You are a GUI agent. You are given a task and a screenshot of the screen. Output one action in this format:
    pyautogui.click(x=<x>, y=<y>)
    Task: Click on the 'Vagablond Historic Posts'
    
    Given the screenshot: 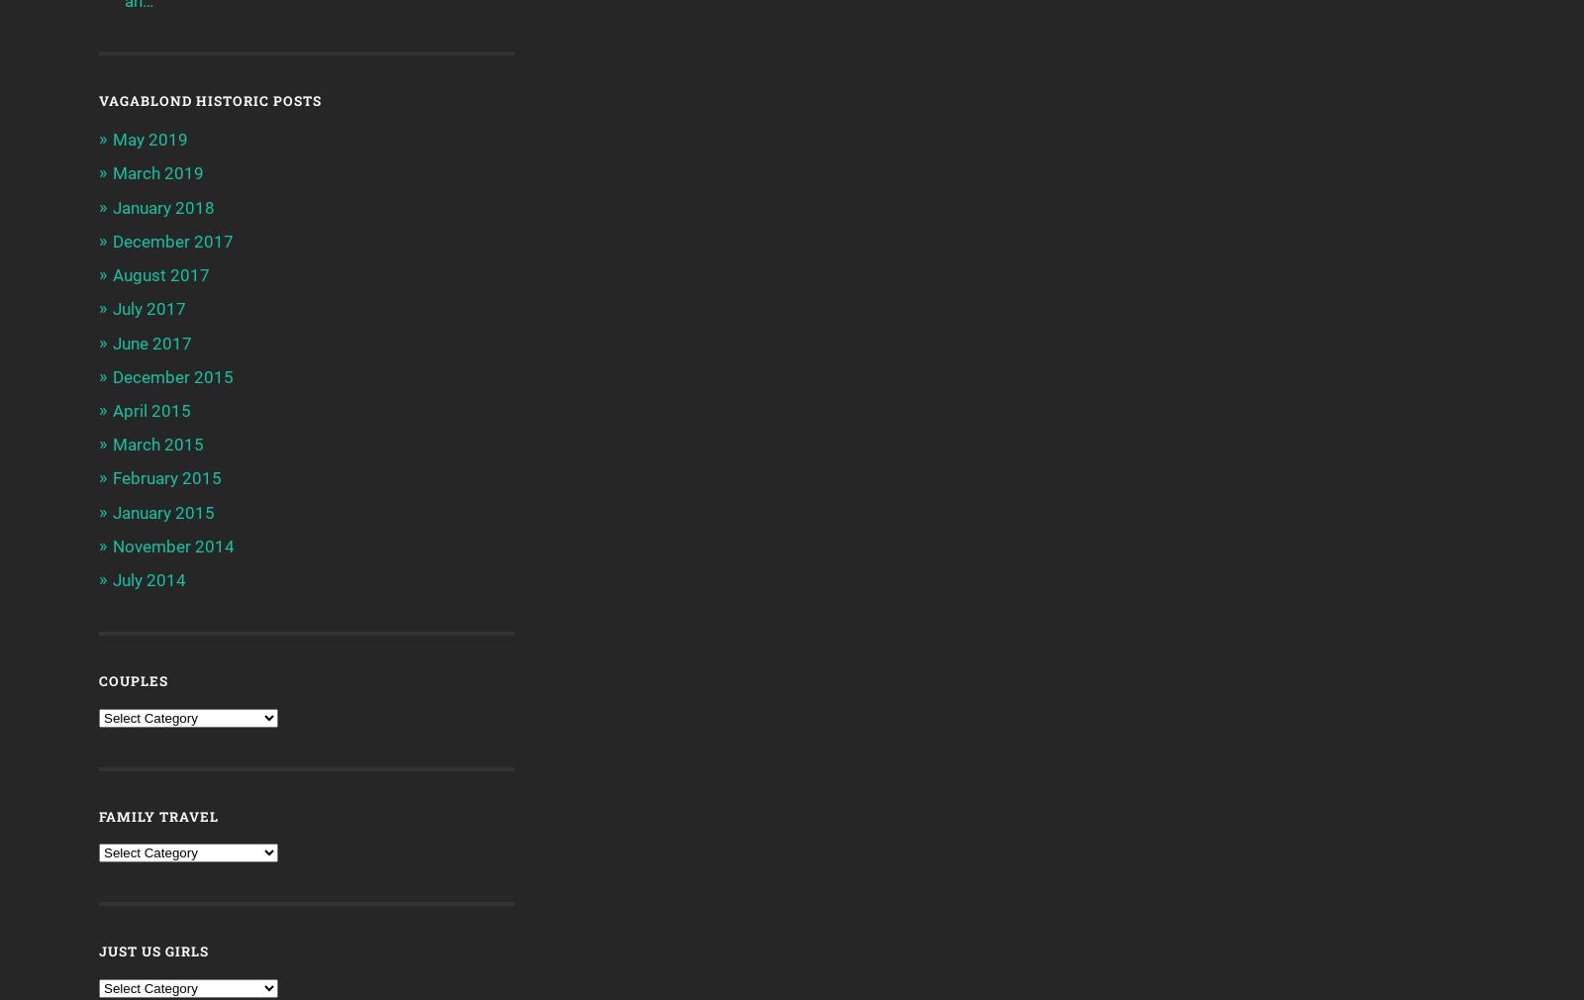 What is the action you would take?
    pyautogui.click(x=210, y=99)
    